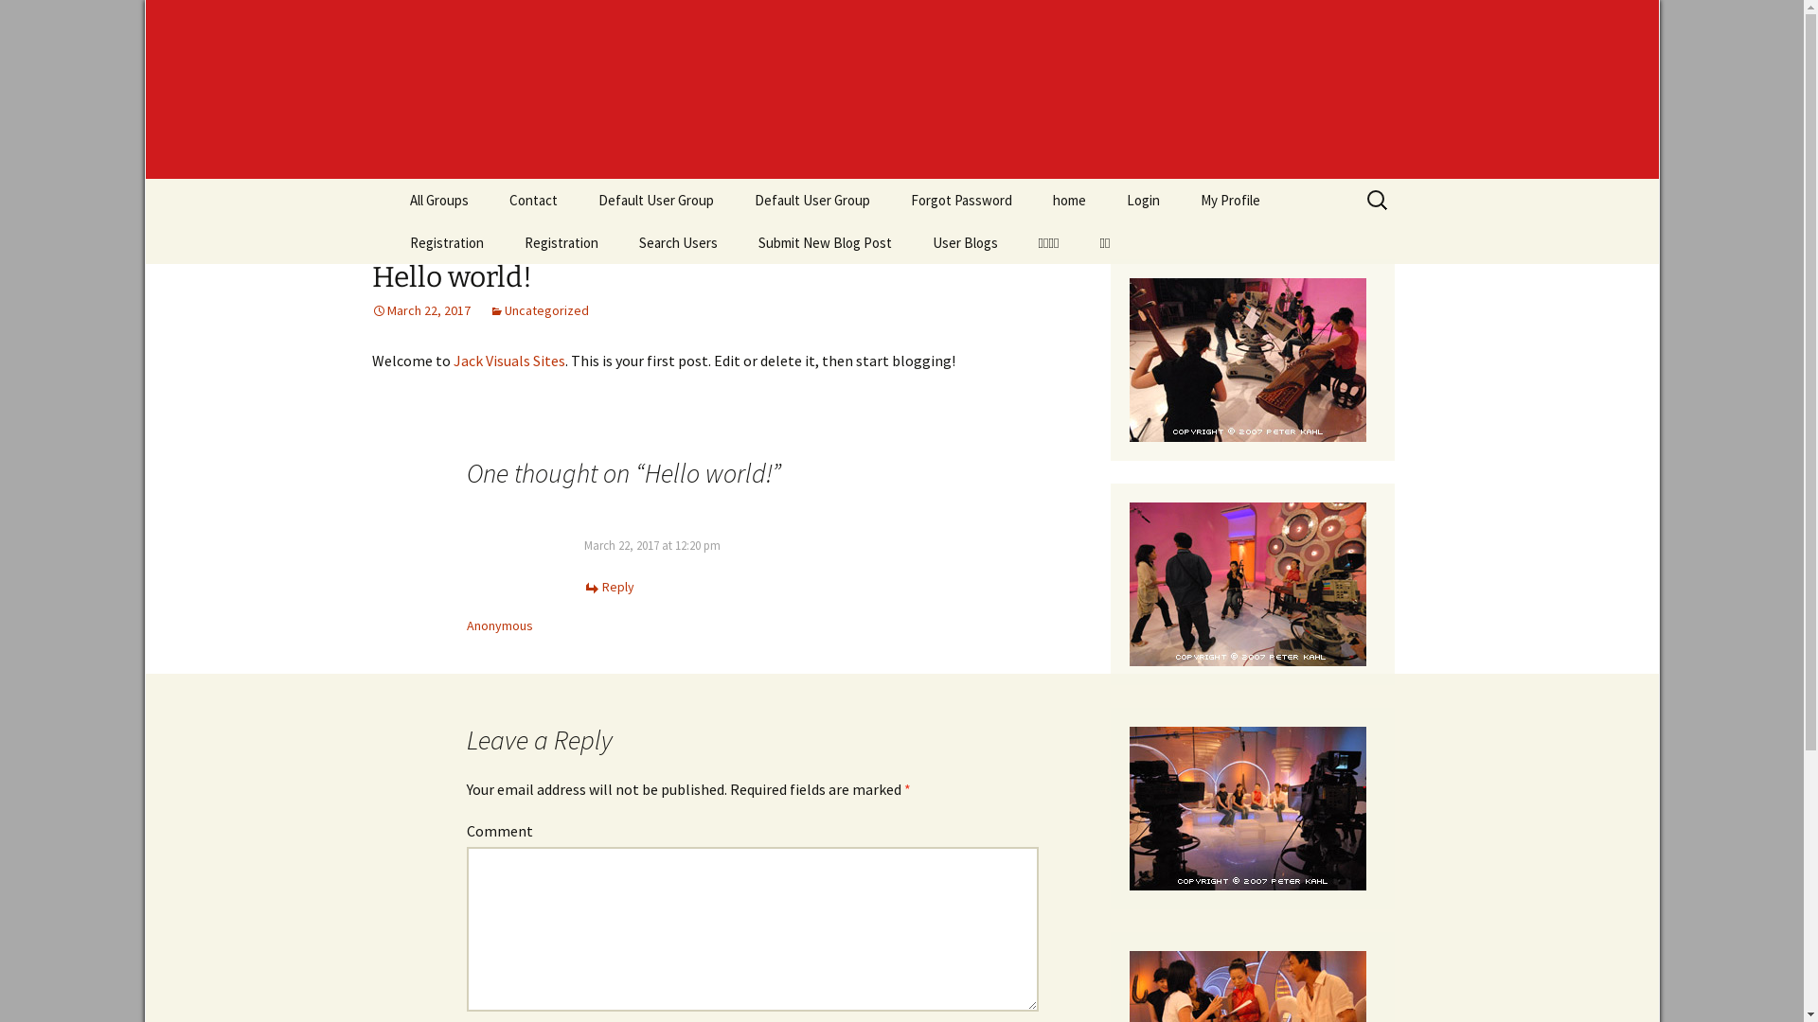 The image size is (1818, 1022). I want to click on 'Jack Visuals Sites', so click(452, 361).